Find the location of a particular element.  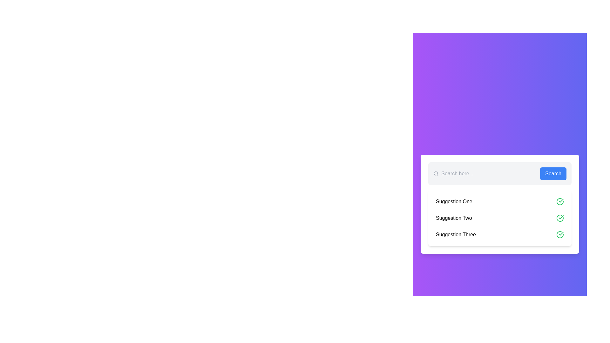

the 'Search' button located at the far right of the search bar within the suggestion card to initiate a search is located at coordinates (553, 174).